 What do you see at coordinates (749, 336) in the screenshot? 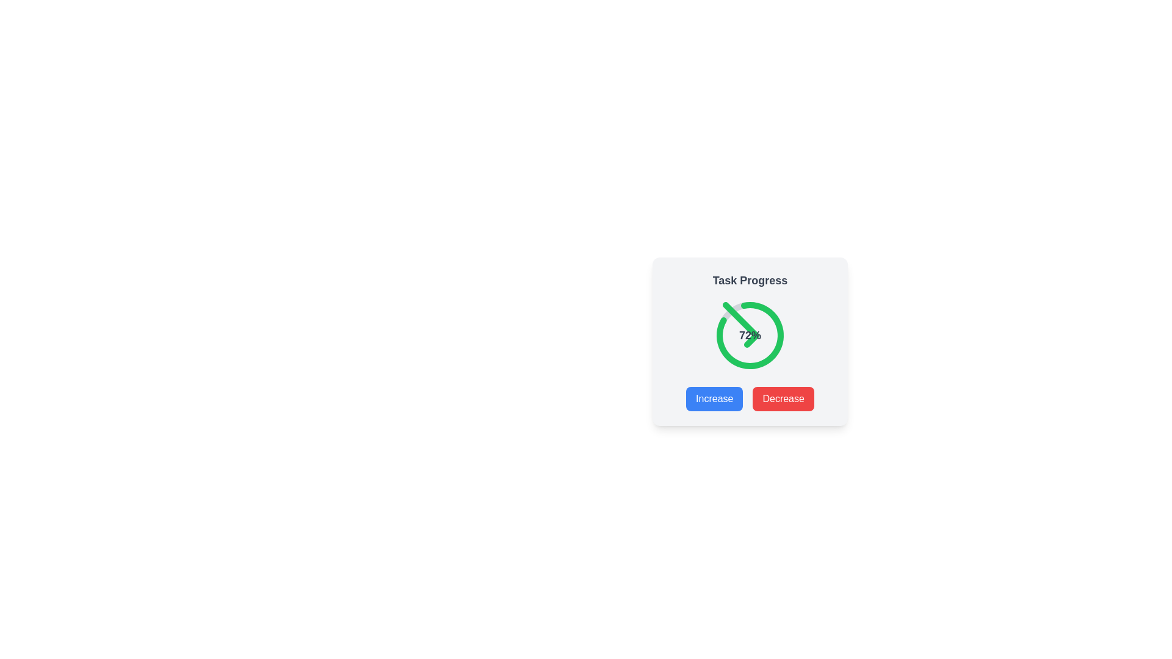
I see `the Static Text Content displaying '72%' which is bold, larger in font size, and gray-colored, located centrally within a circular progress indicator below 'Task Progress'` at bounding box center [749, 336].